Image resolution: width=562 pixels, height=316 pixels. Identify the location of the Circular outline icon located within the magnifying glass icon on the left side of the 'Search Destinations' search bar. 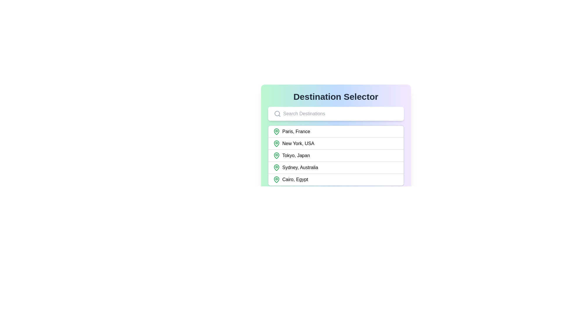
(277, 114).